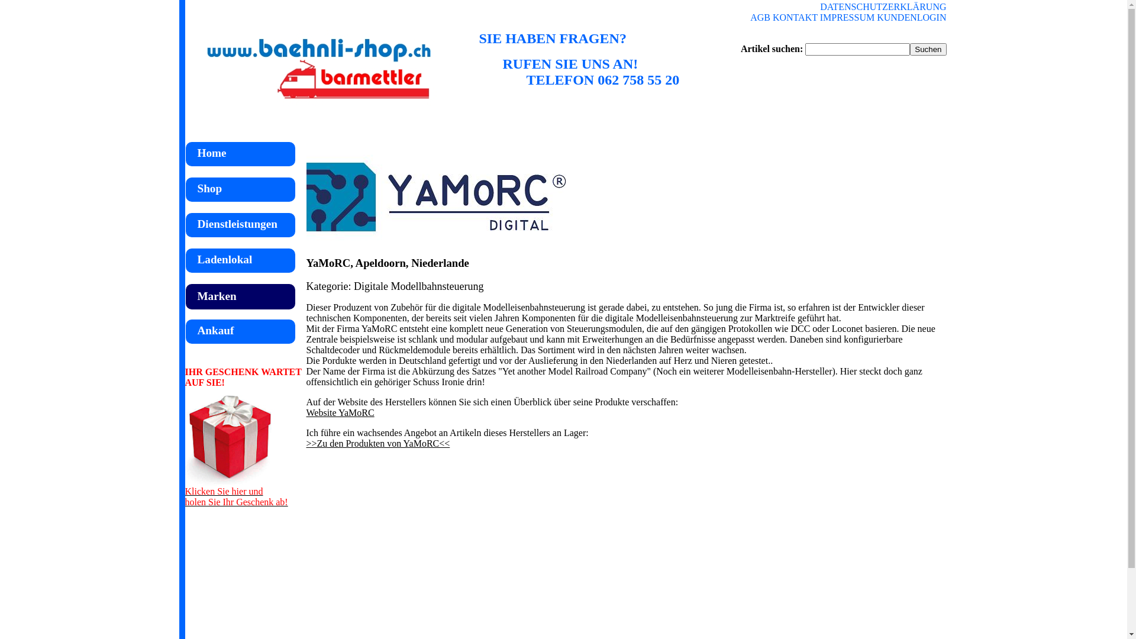  I want to click on 'IMPRESSUM', so click(846, 17).